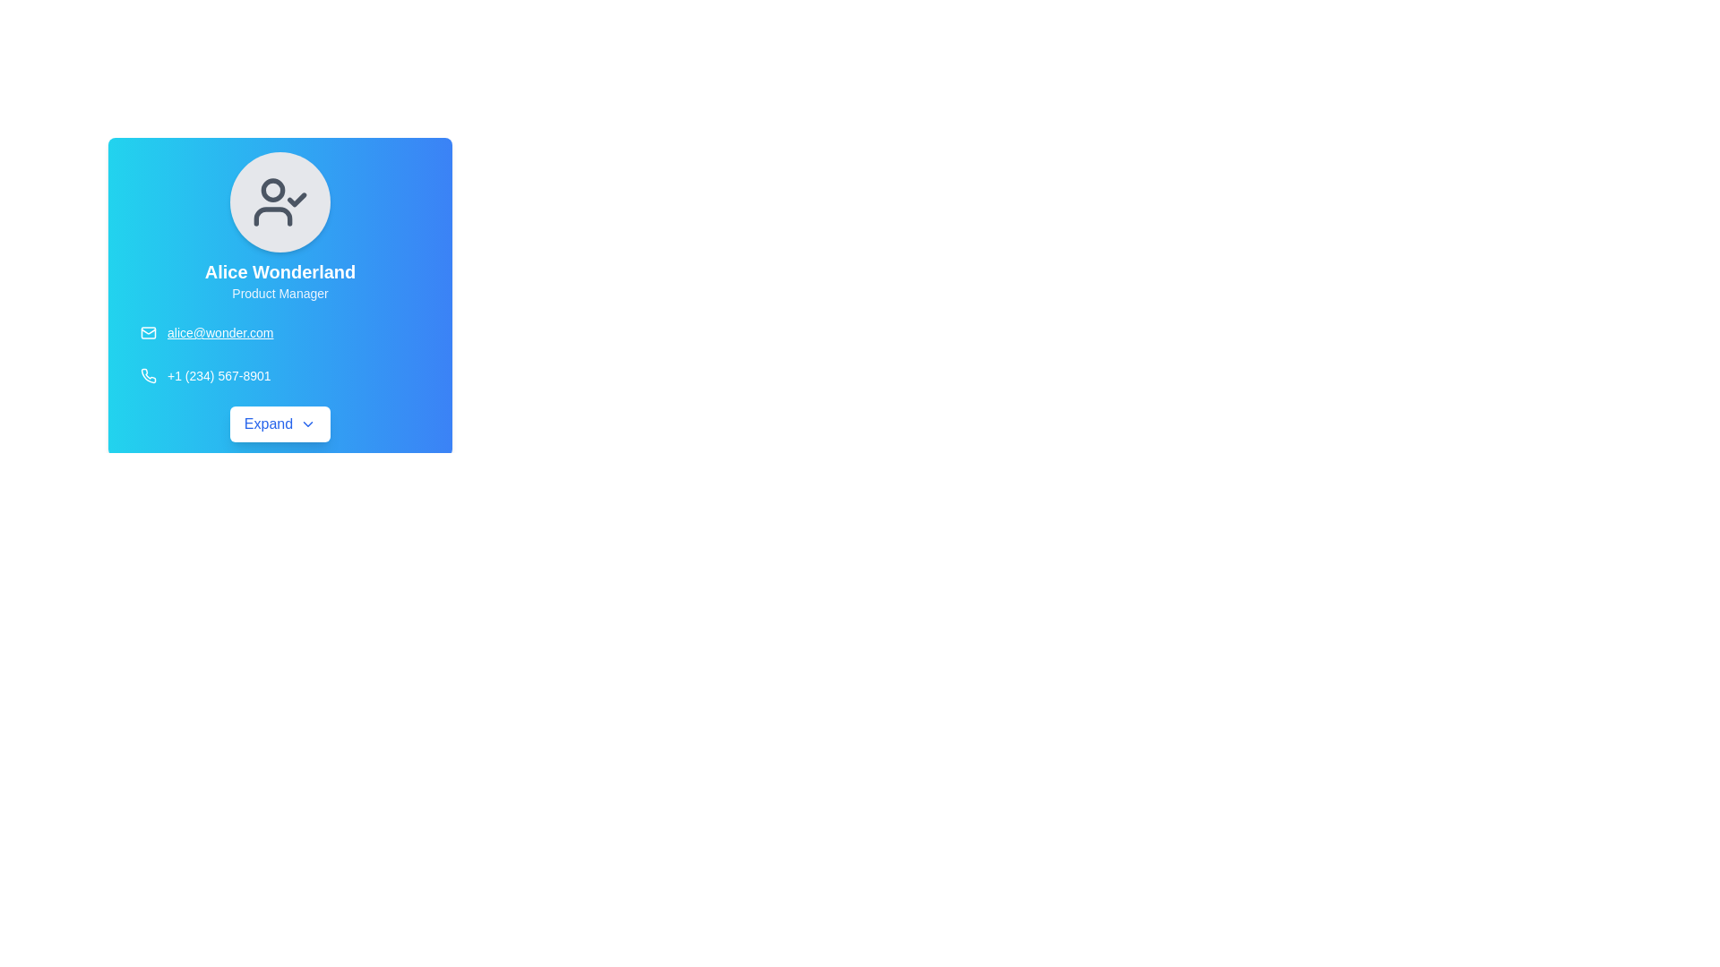 The width and height of the screenshot is (1720, 967). I want to click on the 'Expand' button that displays the text in blue sans-serif font, which is located below the profile details section, so click(267, 424).